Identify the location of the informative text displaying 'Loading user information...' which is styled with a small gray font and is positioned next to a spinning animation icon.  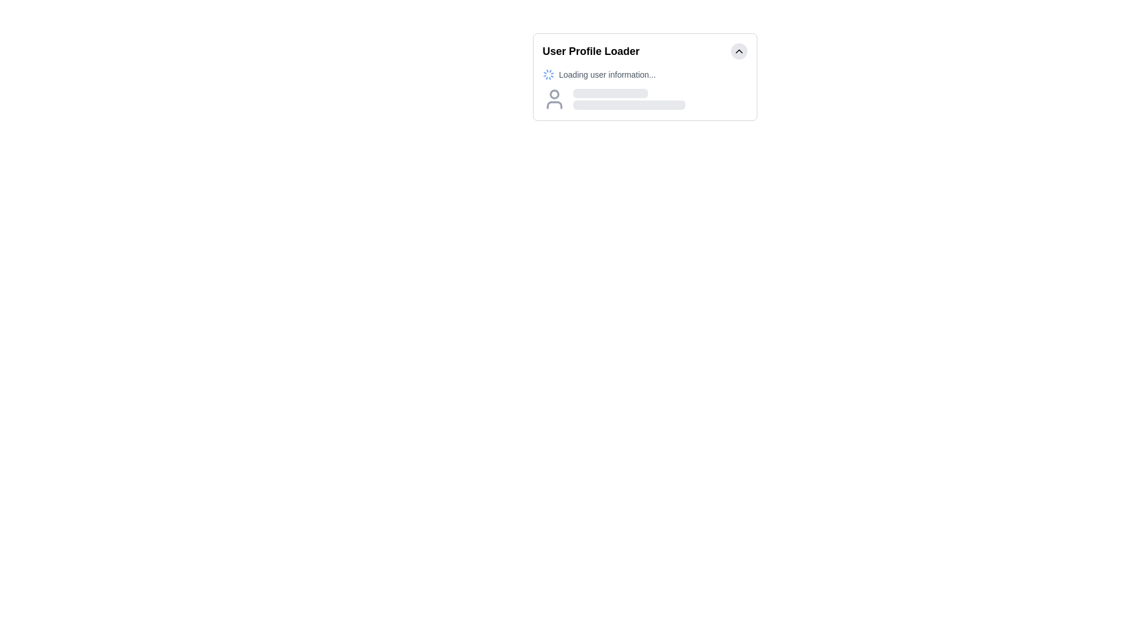
(607, 74).